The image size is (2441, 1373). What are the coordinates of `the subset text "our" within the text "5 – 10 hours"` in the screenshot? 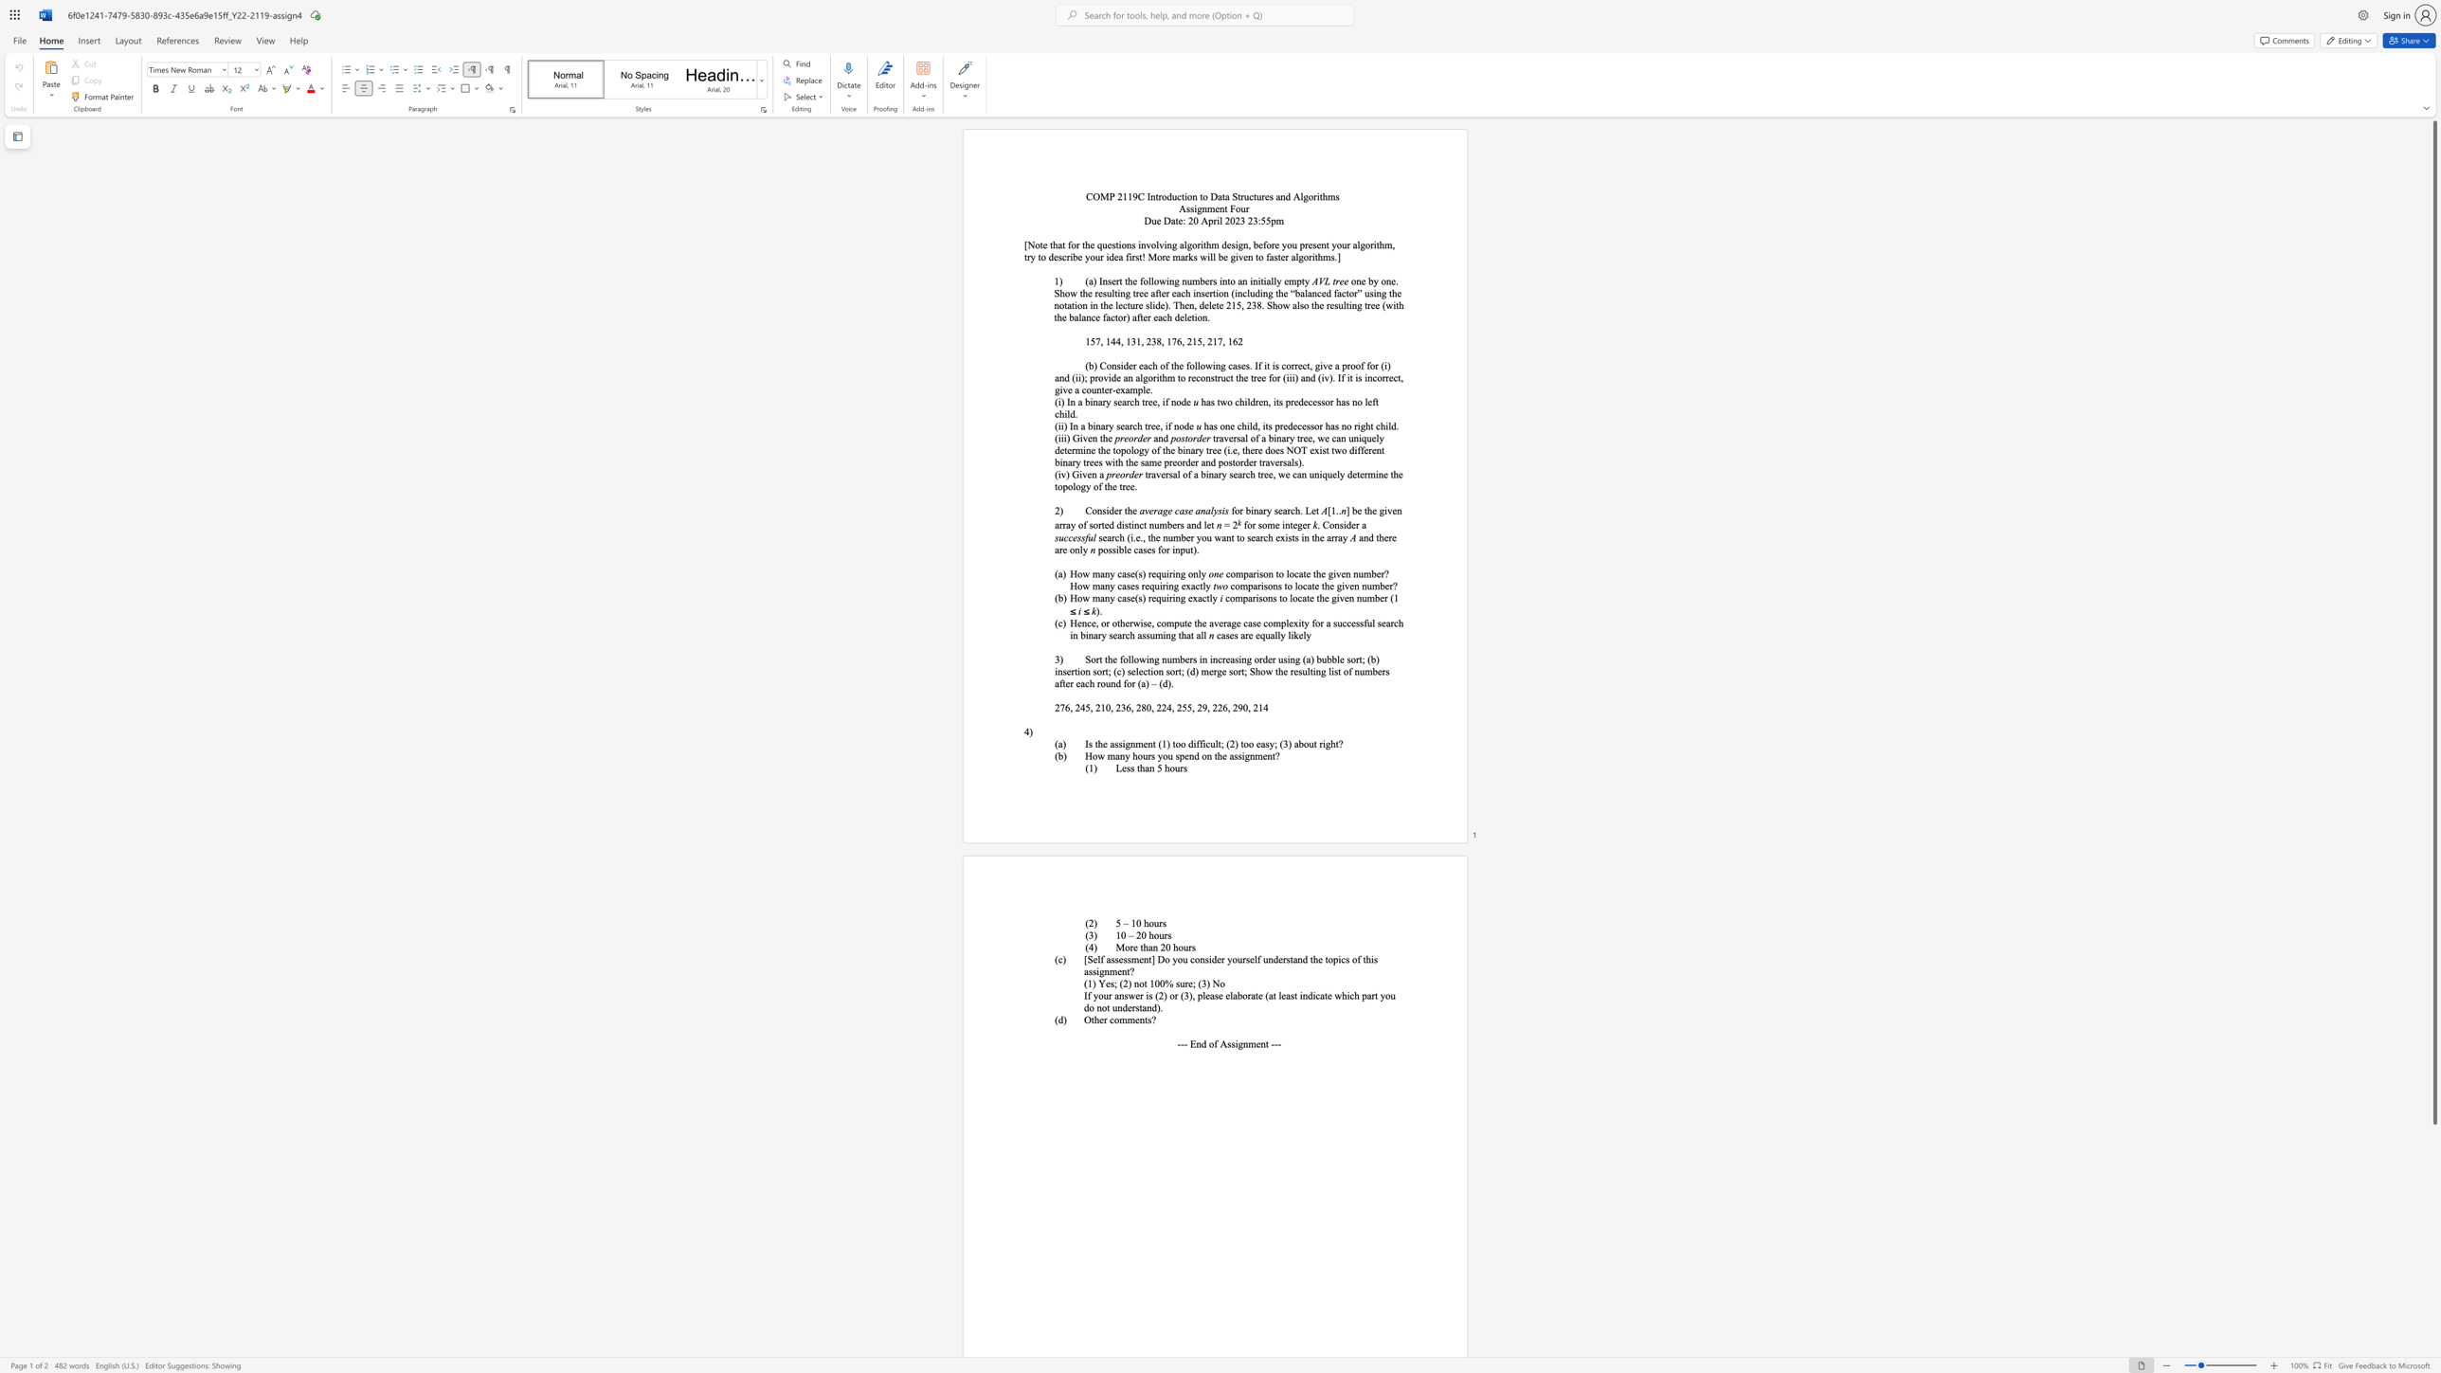 It's located at (1148, 923).